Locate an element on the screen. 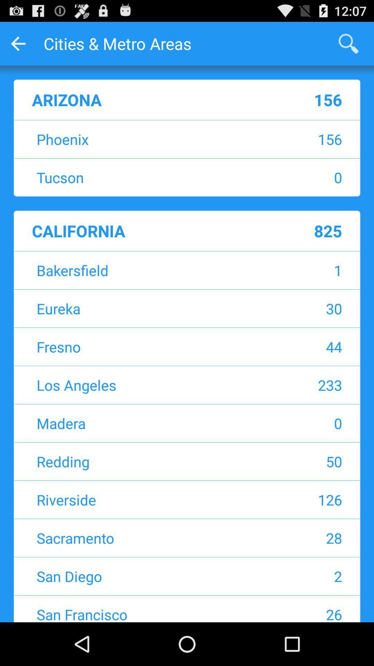  the icon to the right of the california item is located at coordinates (296, 231).